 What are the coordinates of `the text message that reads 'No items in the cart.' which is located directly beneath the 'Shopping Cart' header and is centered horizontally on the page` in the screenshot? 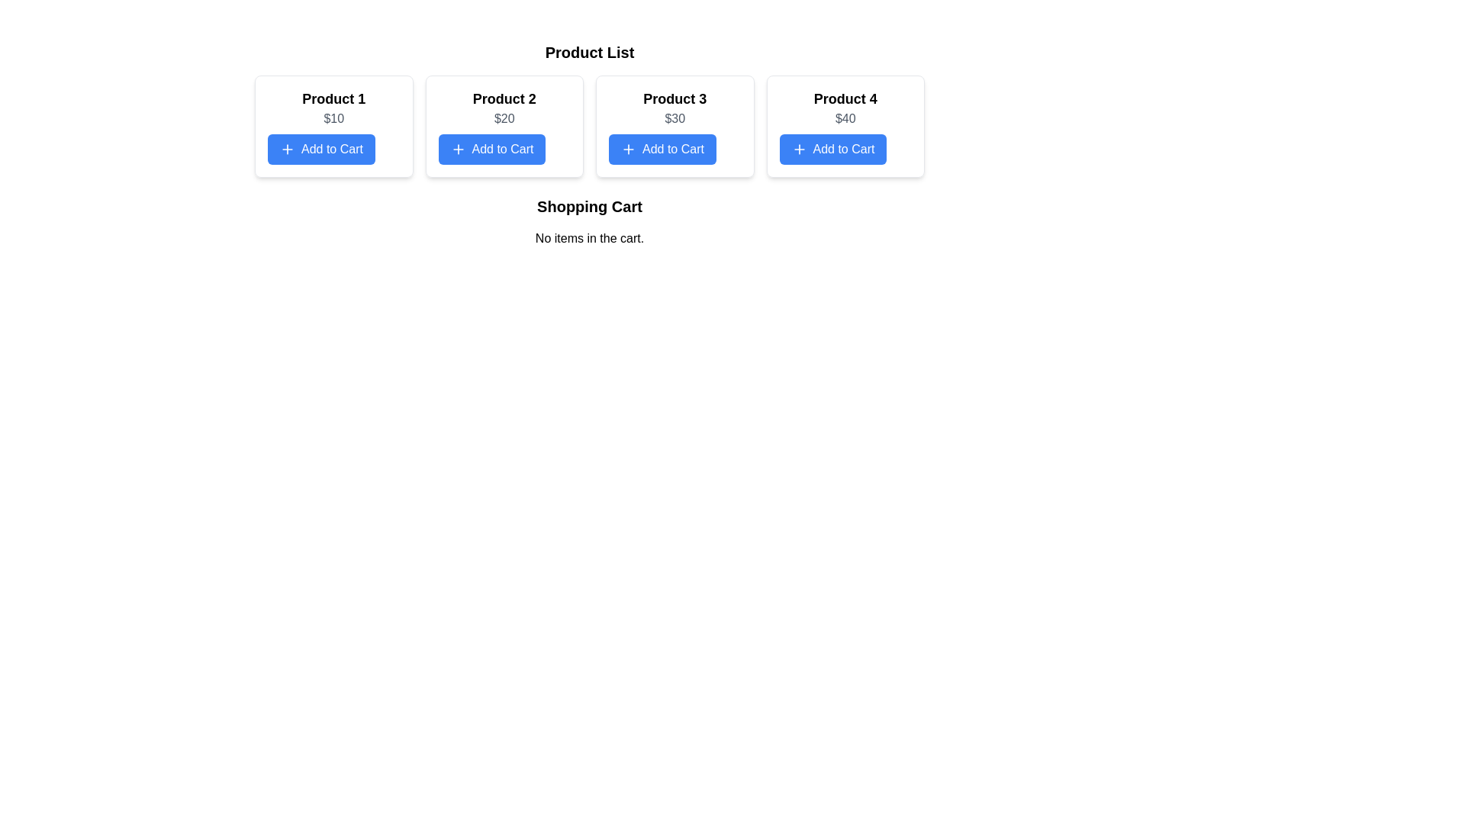 It's located at (588, 238).